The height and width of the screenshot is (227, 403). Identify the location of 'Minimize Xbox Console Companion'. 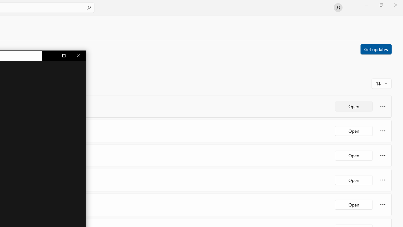
(49, 55).